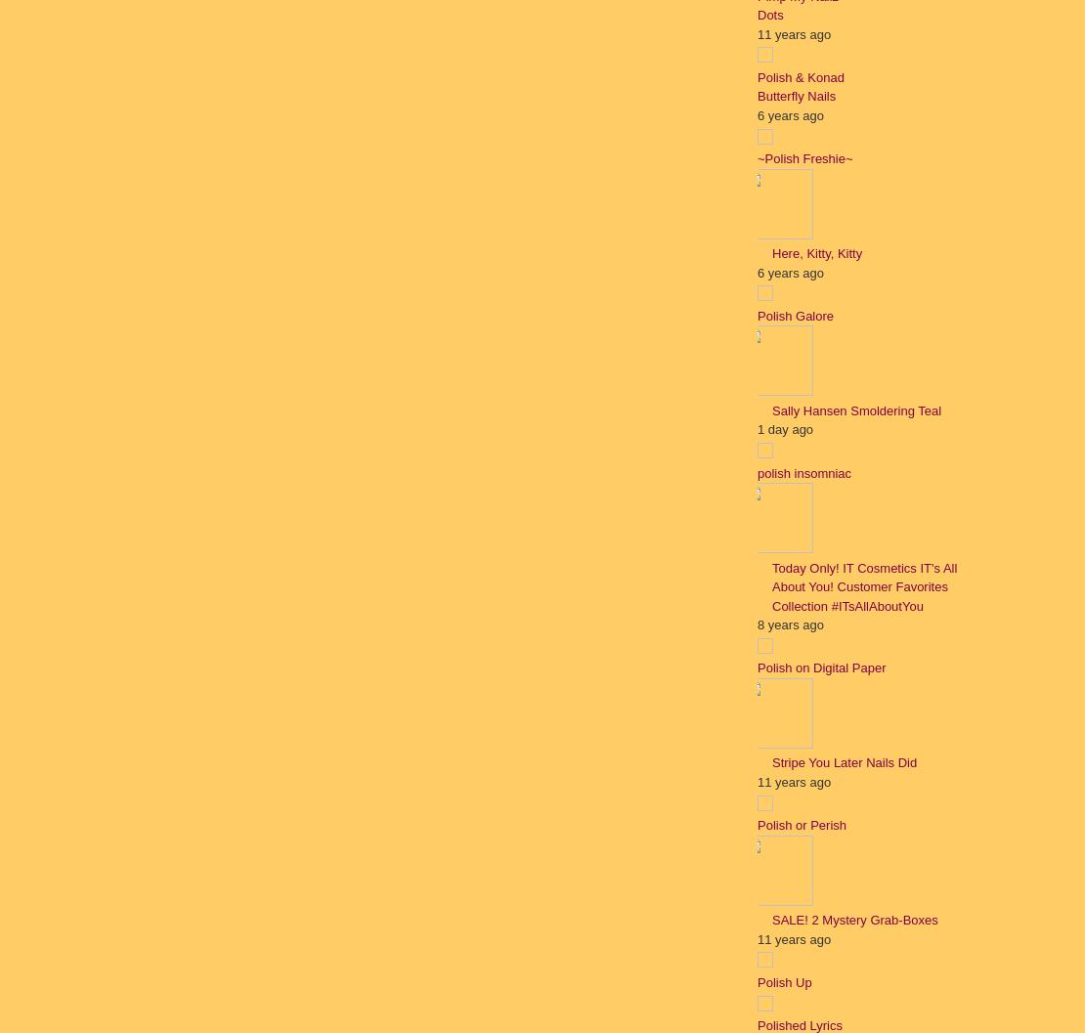 The image size is (1085, 1033). Describe the element at coordinates (785, 428) in the screenshot. I see `'1 day ago'` at that location.